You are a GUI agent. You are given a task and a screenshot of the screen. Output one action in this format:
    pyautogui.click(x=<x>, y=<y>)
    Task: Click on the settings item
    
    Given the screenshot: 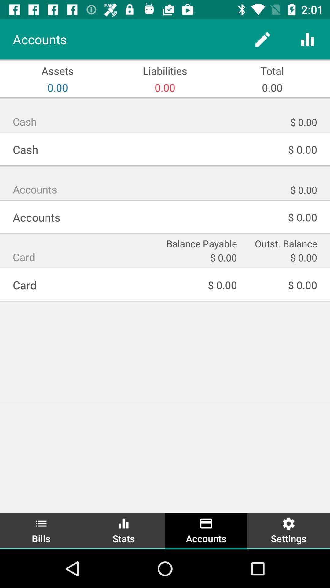 What is the action you would take?
    pyautogui.click(x=289, y=530)
    